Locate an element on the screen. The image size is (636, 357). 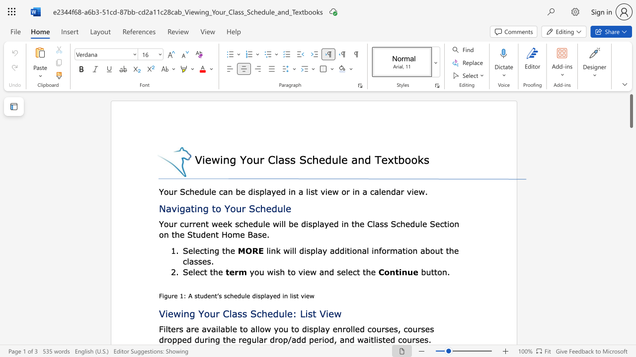
the scrollbar on the side is located at coordinates (631, 341).